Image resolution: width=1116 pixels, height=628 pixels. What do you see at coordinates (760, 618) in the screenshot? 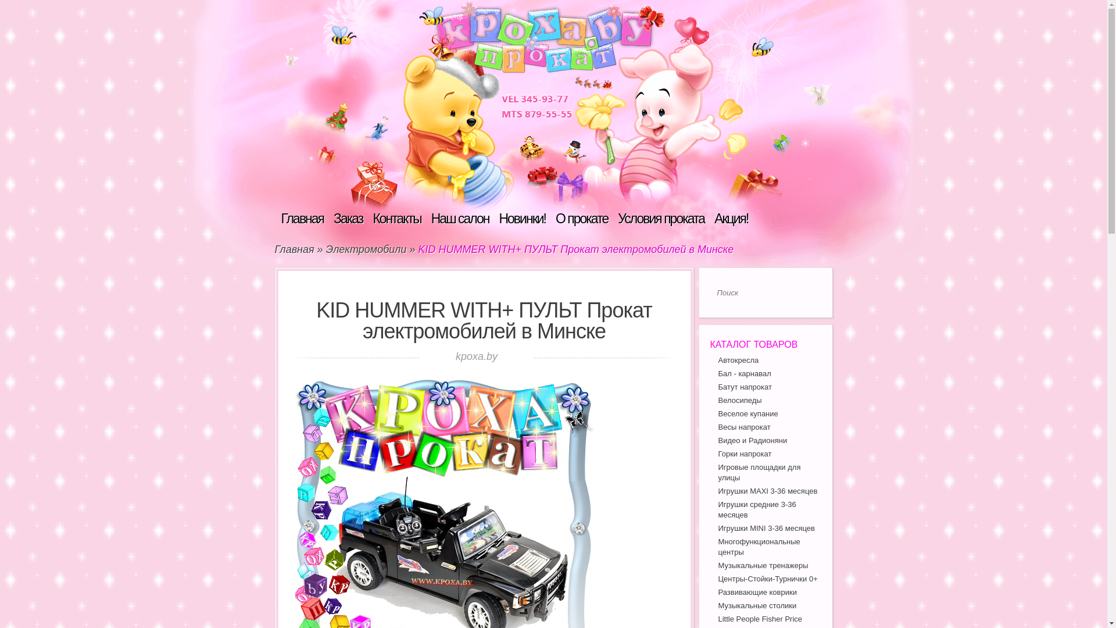
I see `'Little People Fisher Price'` at bounding box center [760, 618].